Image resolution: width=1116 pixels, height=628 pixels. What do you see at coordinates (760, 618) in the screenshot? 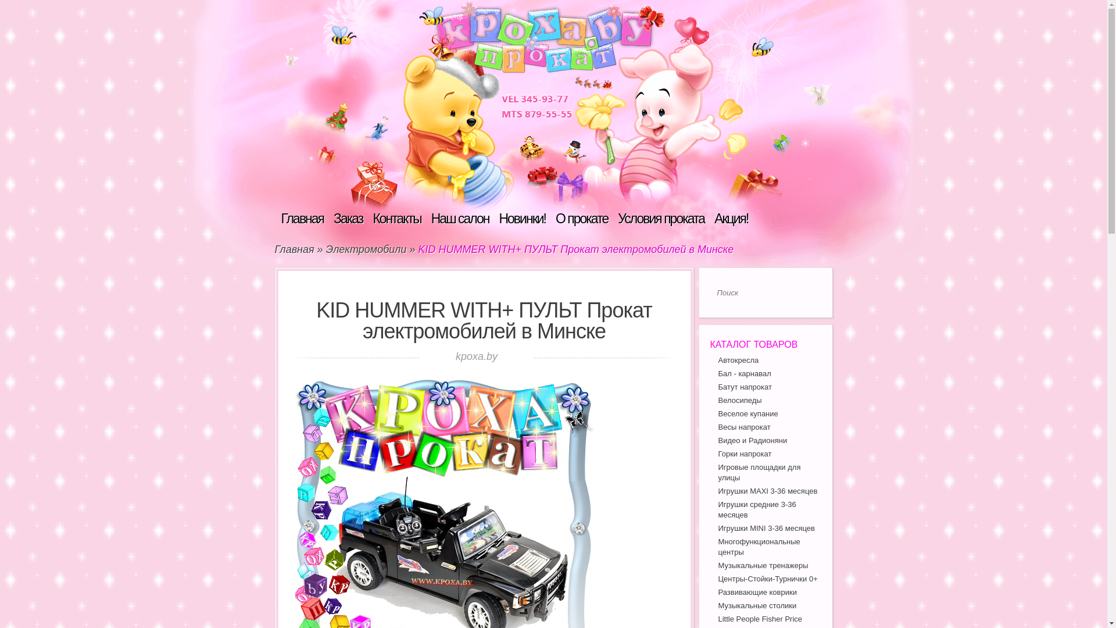
I see `'Little People Fisher Price'` at bounding box center [760, 618].